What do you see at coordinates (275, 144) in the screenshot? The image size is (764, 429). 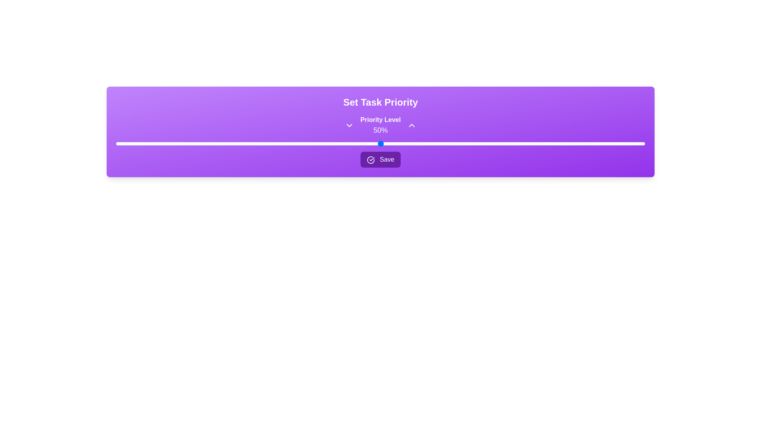 I see `the priority level` at bounding box center [275, 144].